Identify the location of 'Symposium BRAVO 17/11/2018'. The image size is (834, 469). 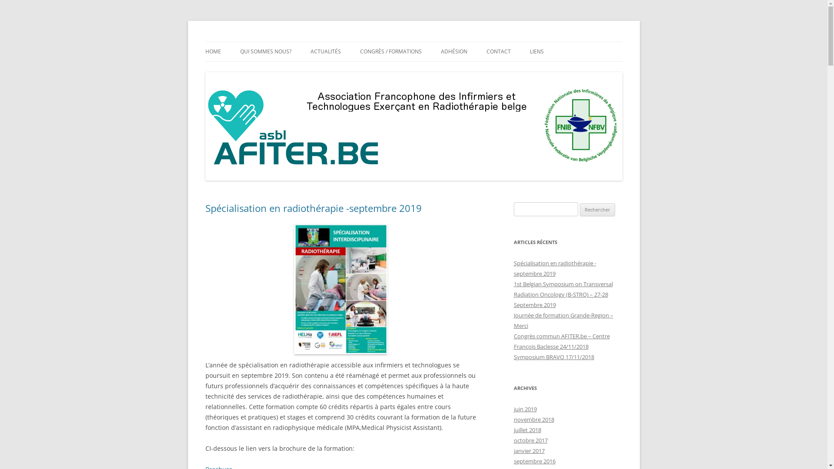
(553, 357).